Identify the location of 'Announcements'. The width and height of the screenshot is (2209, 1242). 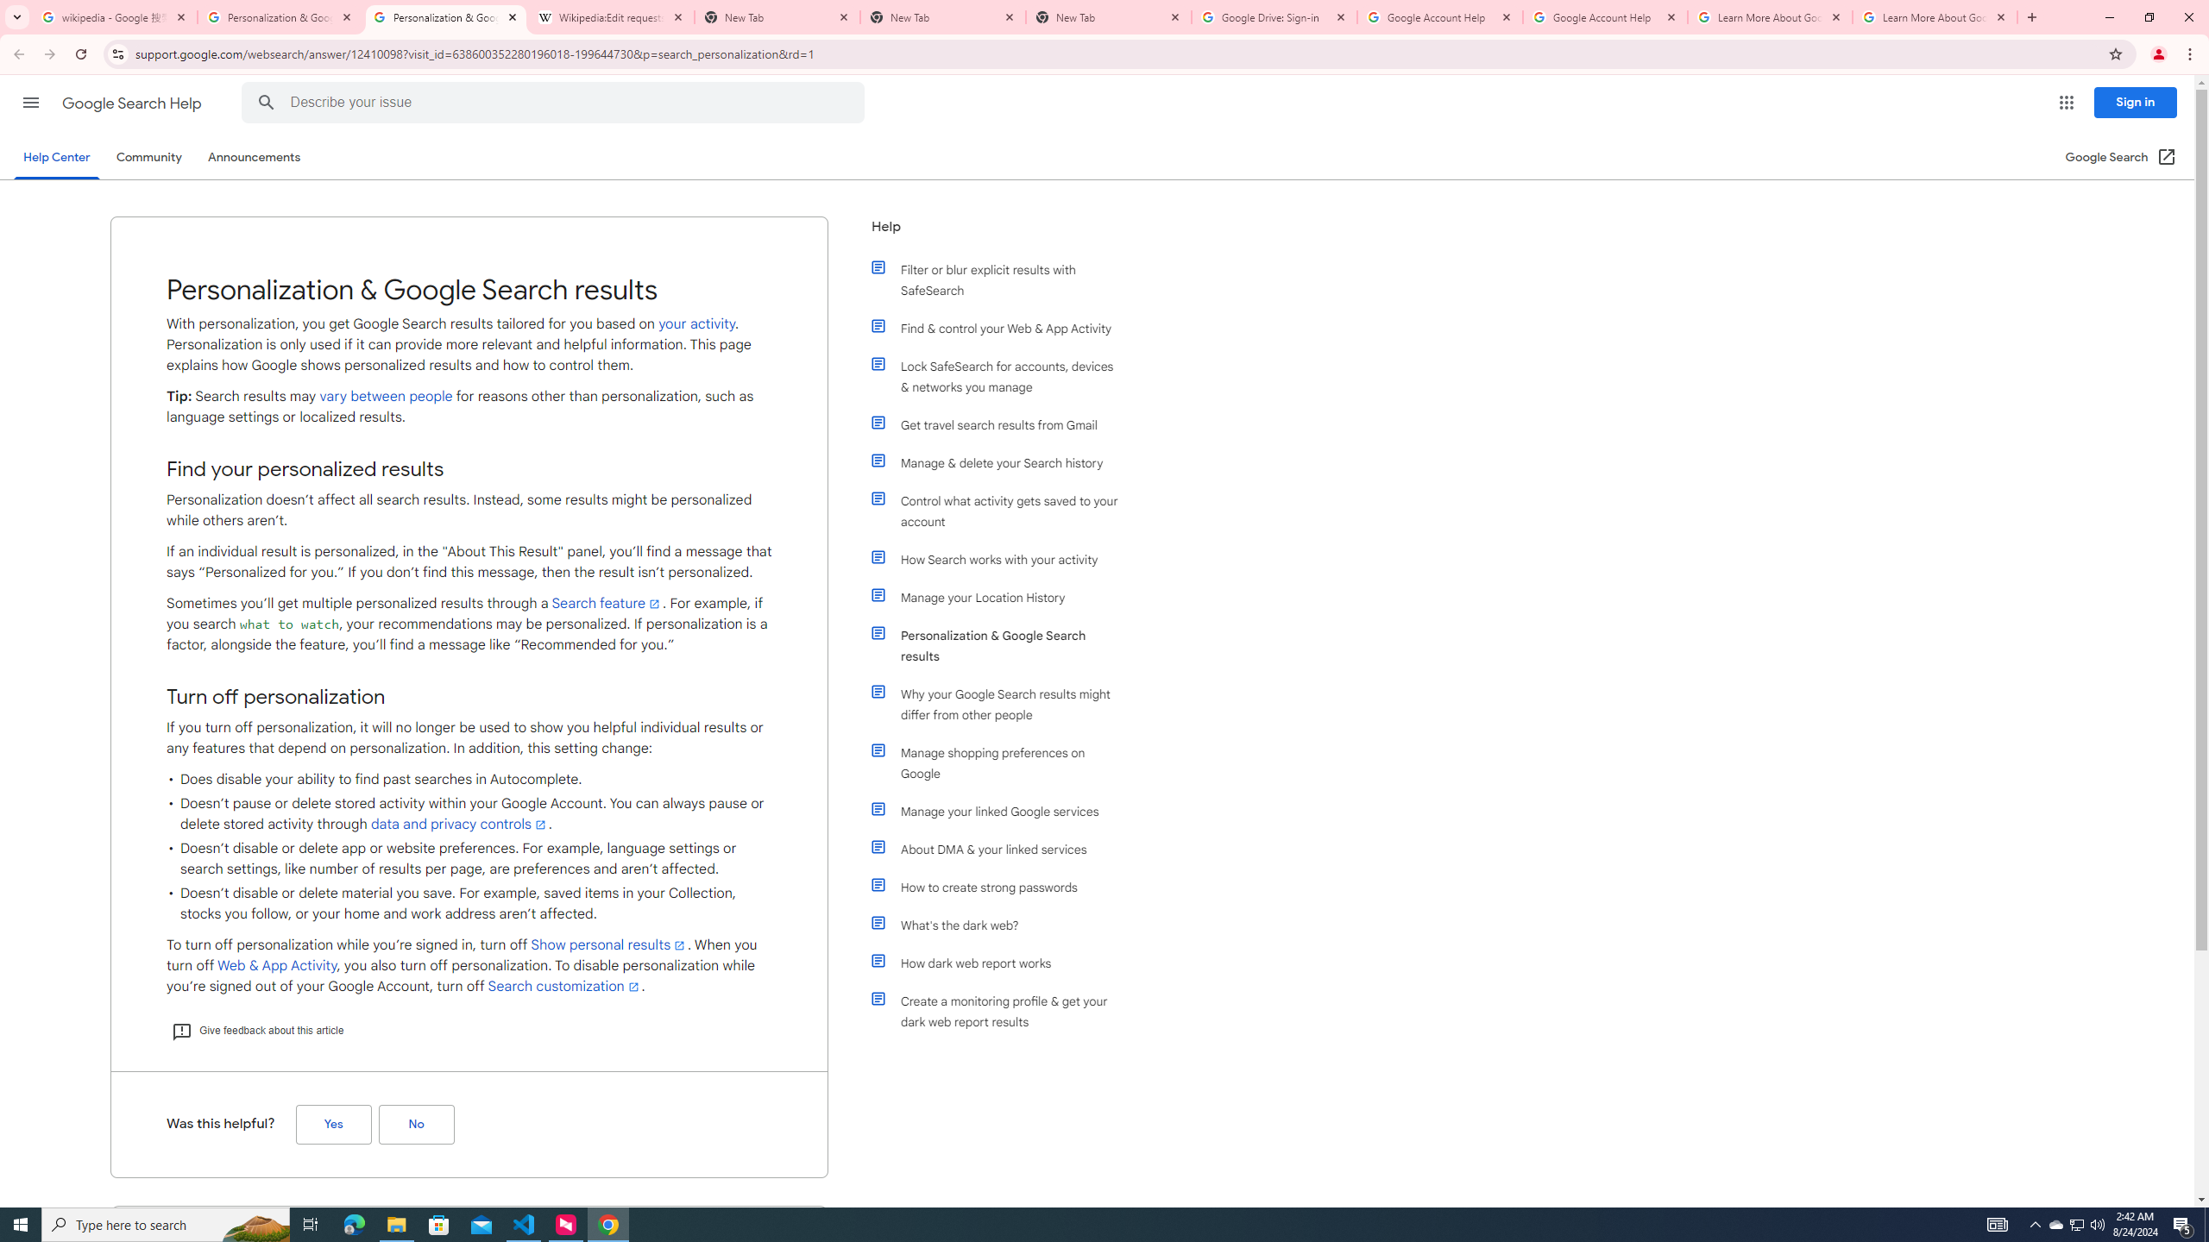
(254, 156).